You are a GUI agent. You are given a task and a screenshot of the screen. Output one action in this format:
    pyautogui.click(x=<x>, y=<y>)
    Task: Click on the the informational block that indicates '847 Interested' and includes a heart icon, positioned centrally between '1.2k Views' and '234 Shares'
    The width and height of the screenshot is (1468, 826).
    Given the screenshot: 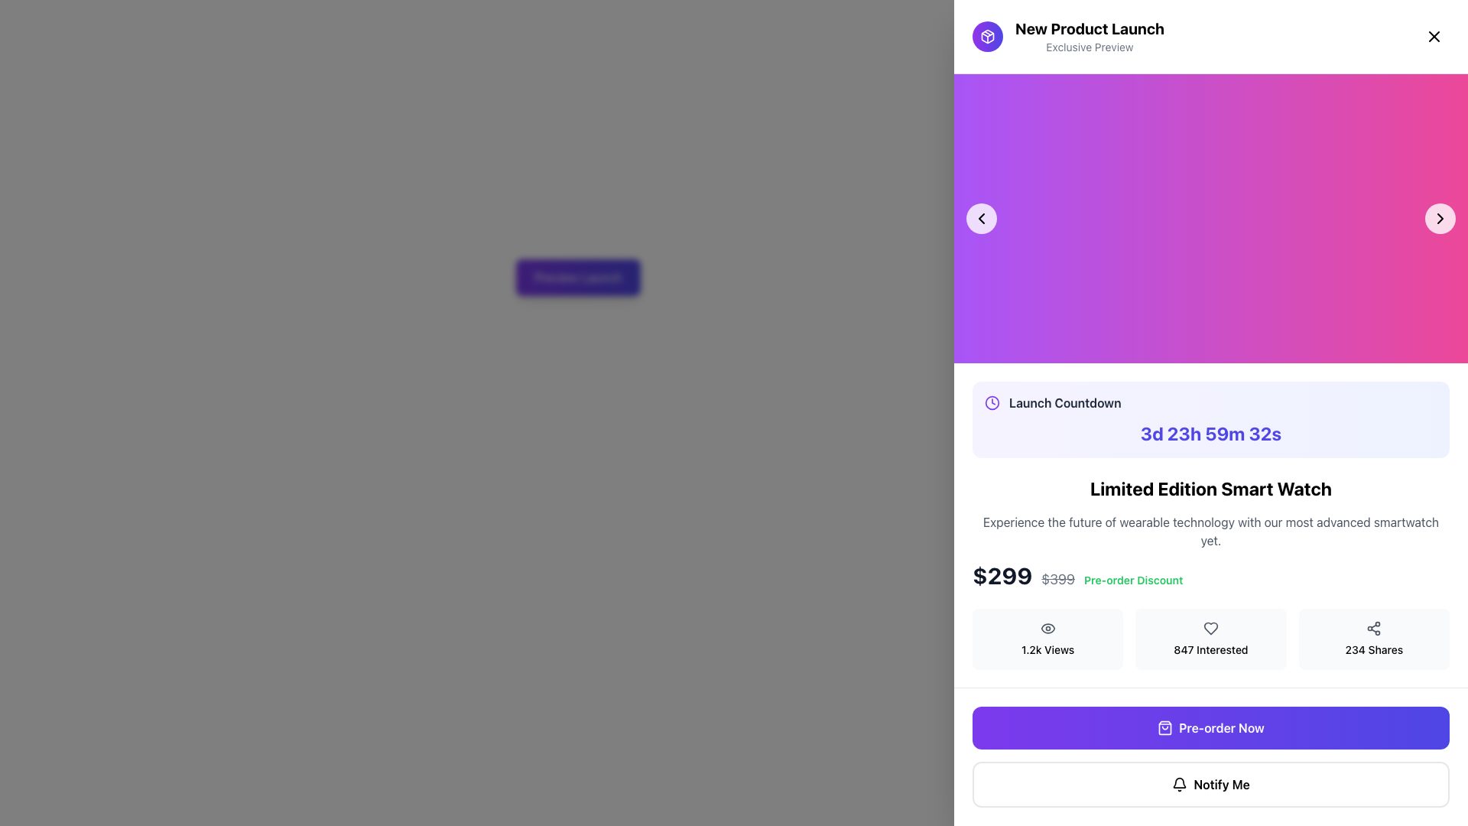 What is the action you would take?
    pyautogui.click(x=1210, y=639)
    